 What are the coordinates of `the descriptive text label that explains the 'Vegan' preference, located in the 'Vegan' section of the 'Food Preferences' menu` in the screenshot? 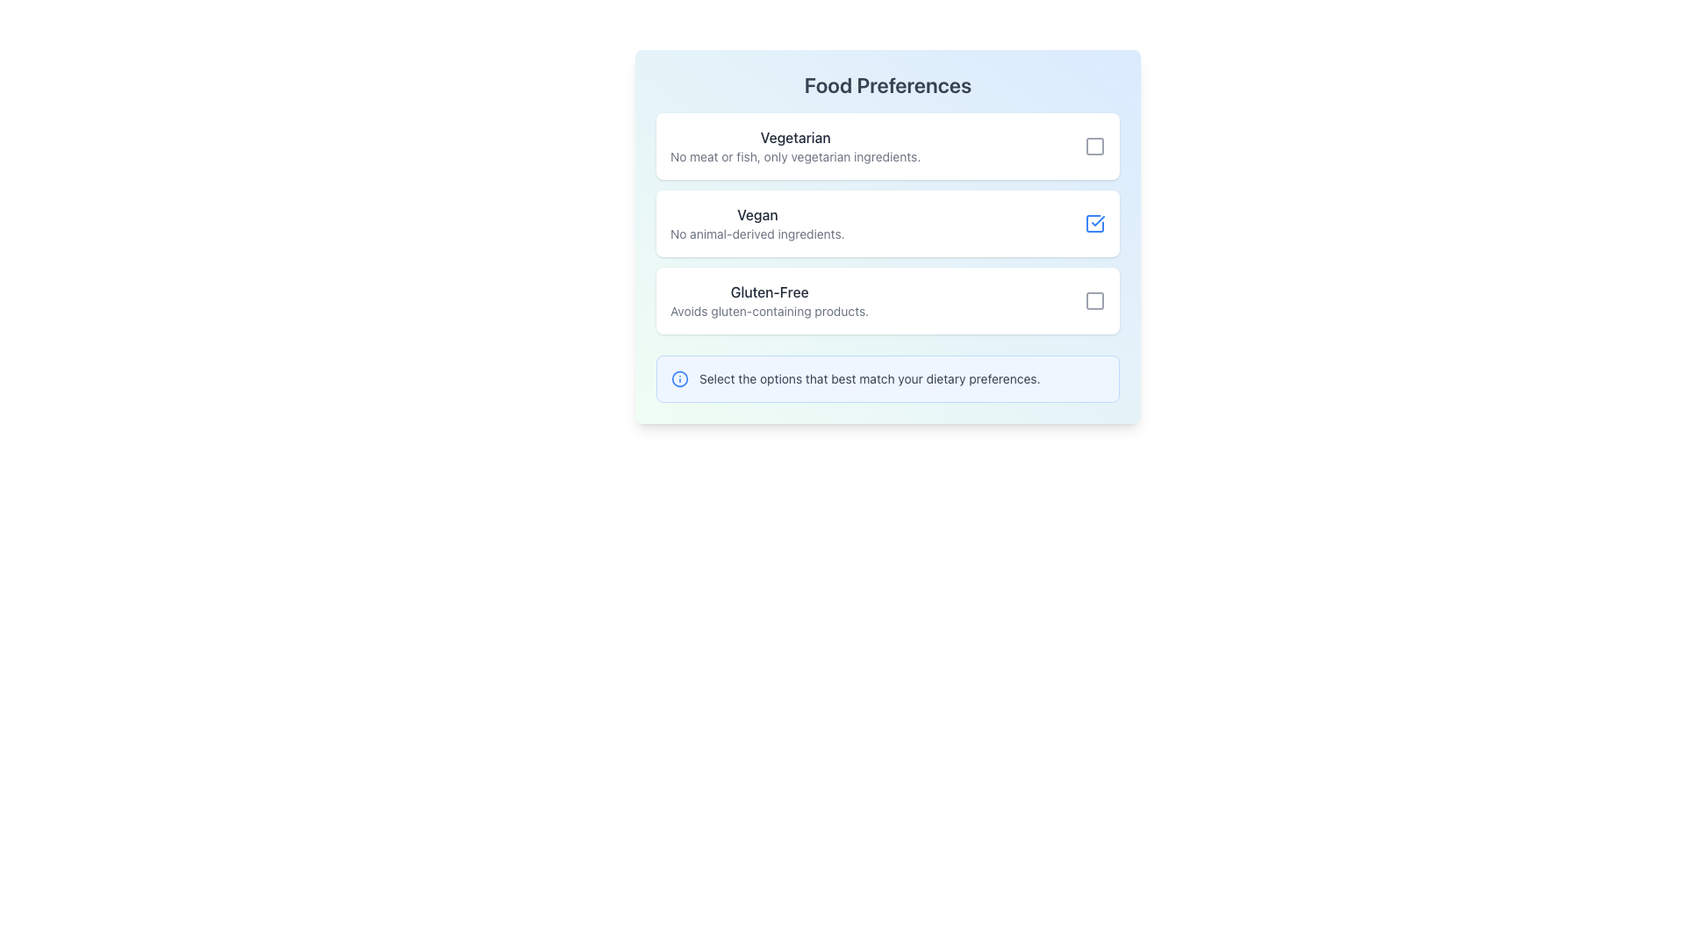 It's located at (757, 233).